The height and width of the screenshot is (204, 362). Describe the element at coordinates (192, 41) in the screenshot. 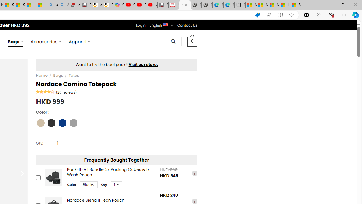

I see `'  0  '` at that location.